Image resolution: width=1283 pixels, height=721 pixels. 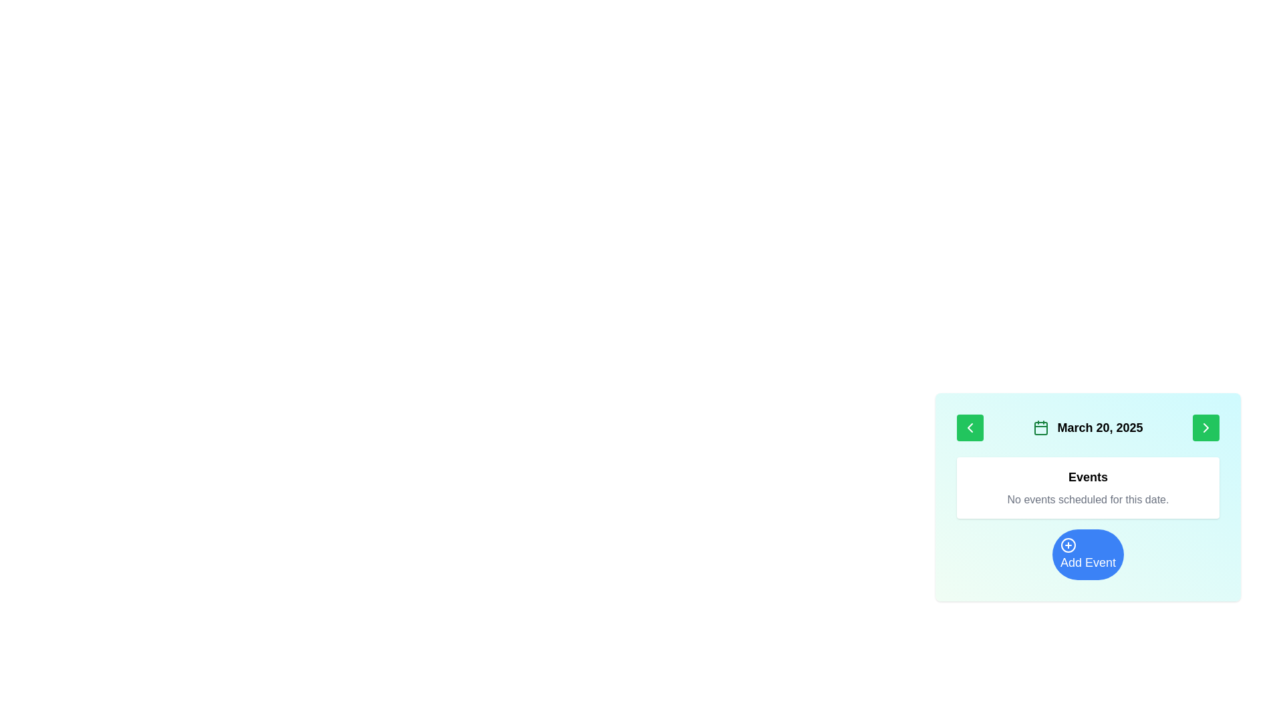 What do you see at coordinates (1088, 499) in the screenshot?
I see `the static text element that reads 'No events scheduled for this date.' which is located within the 'Events' box, positioned below the 'Events' heading and above the 'Add Event' button` at bounding box center [1088, 499].